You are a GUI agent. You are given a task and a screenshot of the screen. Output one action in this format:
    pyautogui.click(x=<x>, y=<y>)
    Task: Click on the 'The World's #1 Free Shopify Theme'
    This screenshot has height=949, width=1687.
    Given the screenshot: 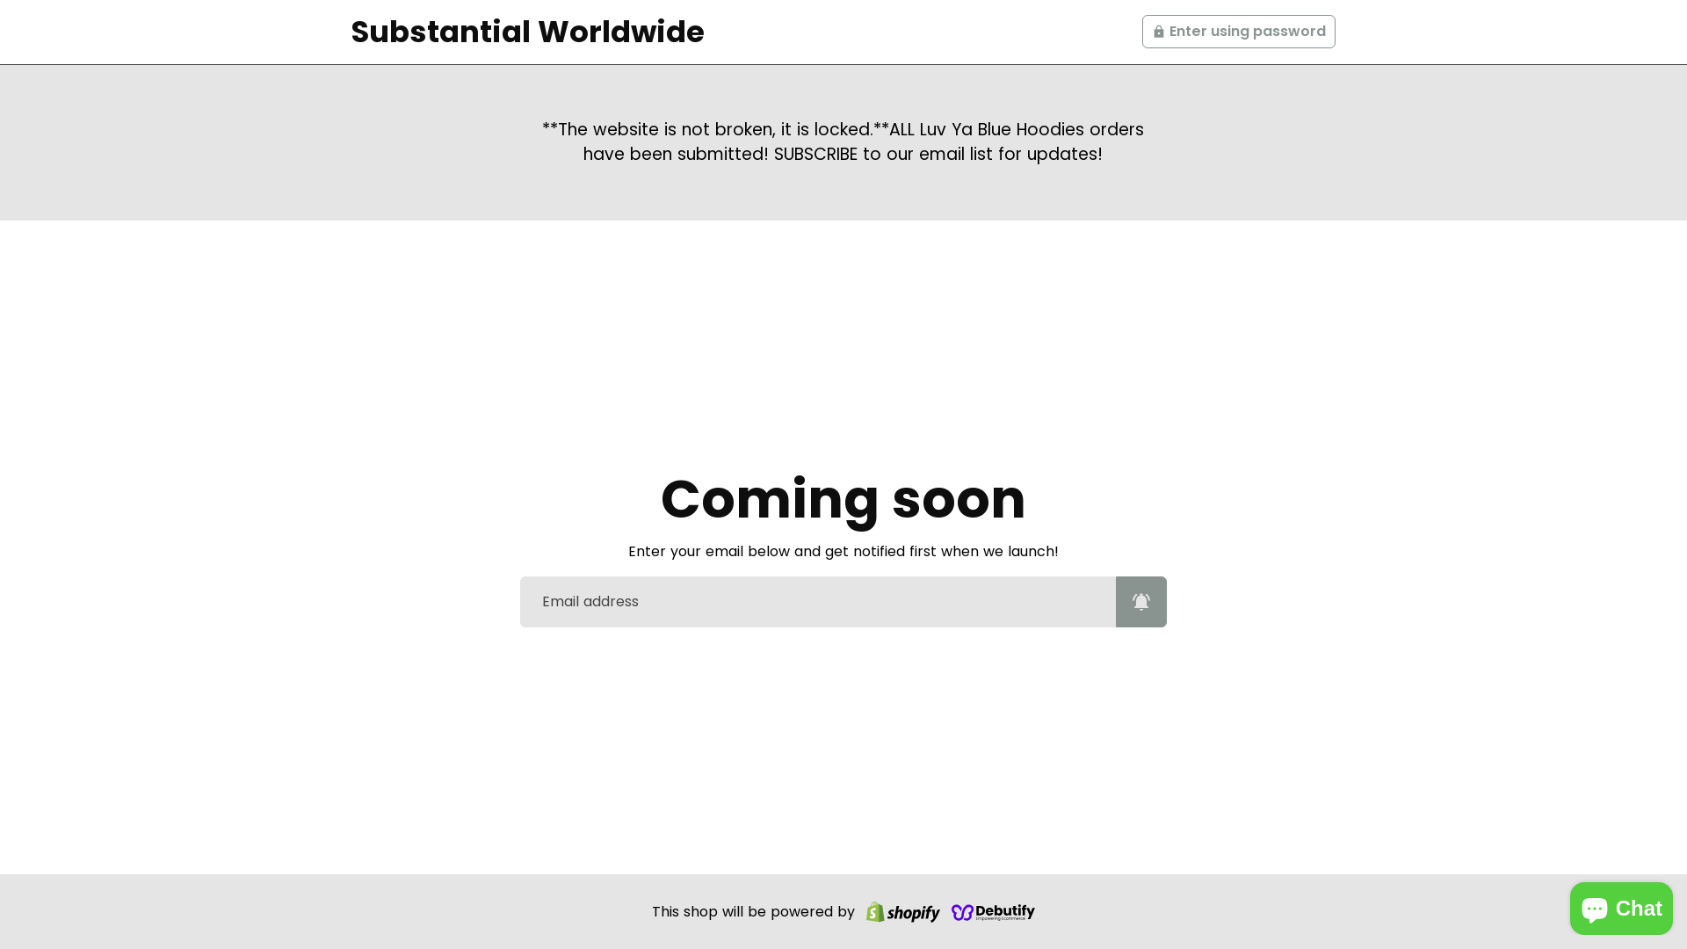 What is the action you would take?
    pyautogui.click(x=994, y=910)
    